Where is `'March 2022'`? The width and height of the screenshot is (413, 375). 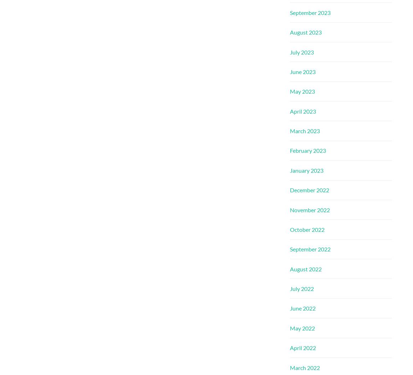
'March 2022' is located at coordinates (304, 367).